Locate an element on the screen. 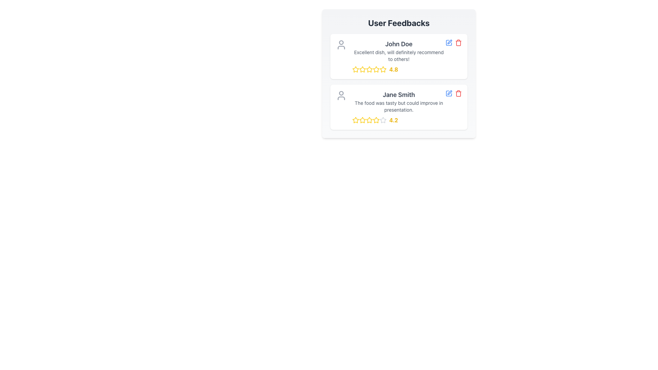 Image resolution: width=658 pixels, height=370 pixels. rating value displayed in the bold yellow text label showing '4.2', which is part of the feedback detail section under 'Jane Smith' in the second user feedback card is located at coordinates (393, 120).